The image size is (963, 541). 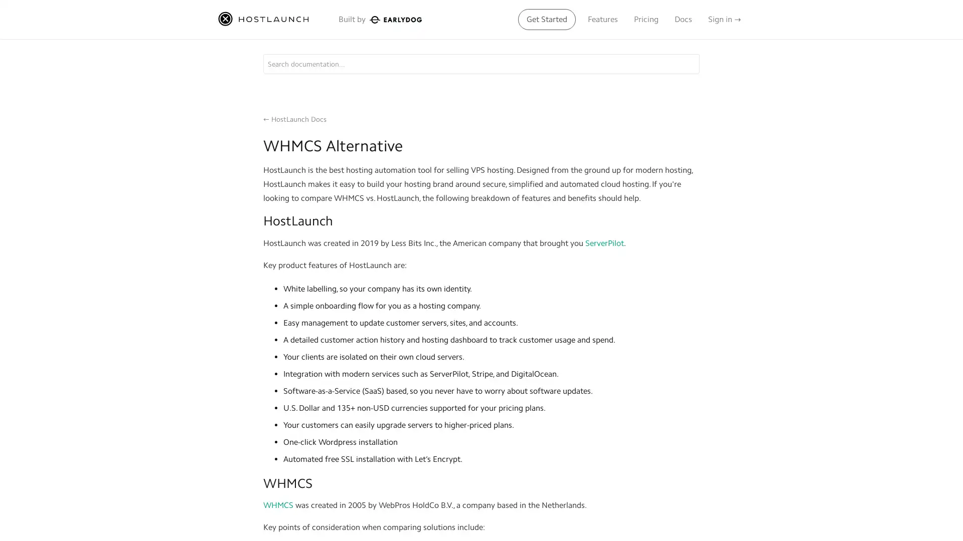 What do you see at coordinates (602, 19) in the screenshot?
I see `Features` at bounding box center [602, 19].